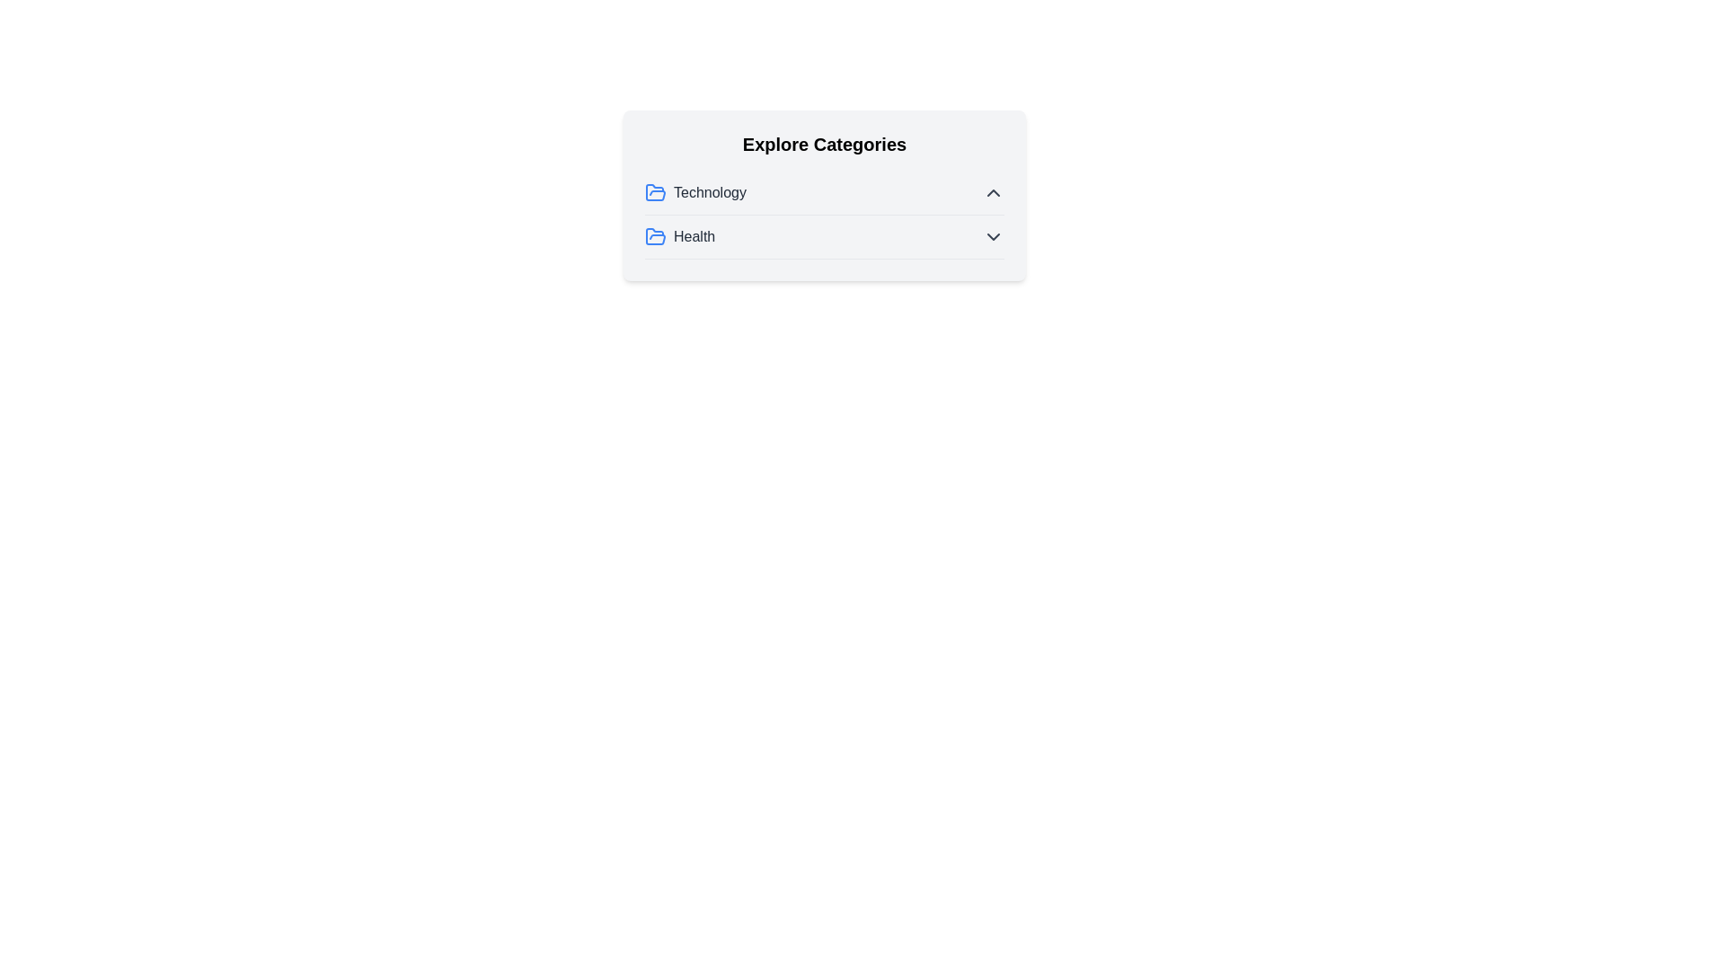  What do you see at coordinates (992, 193) in the screenshot?
I see `the chevron icon next to the 'Technology' category to toggle its expanded state` at bounding box center [992, 193].